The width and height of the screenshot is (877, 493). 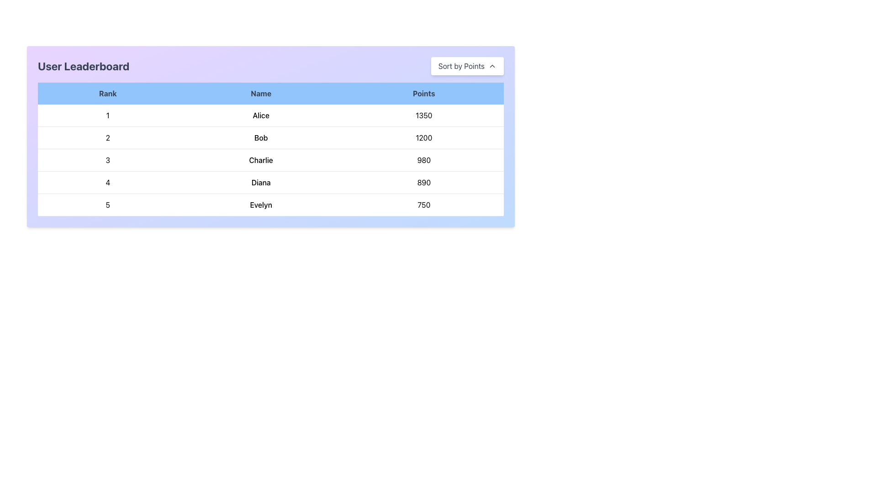 I want to click on the non-interactive text element displaying a name in the fourth row of the table under the 'Name' column, located between the 'Rank' and 'Points' columns, so click(x=260, y=183).